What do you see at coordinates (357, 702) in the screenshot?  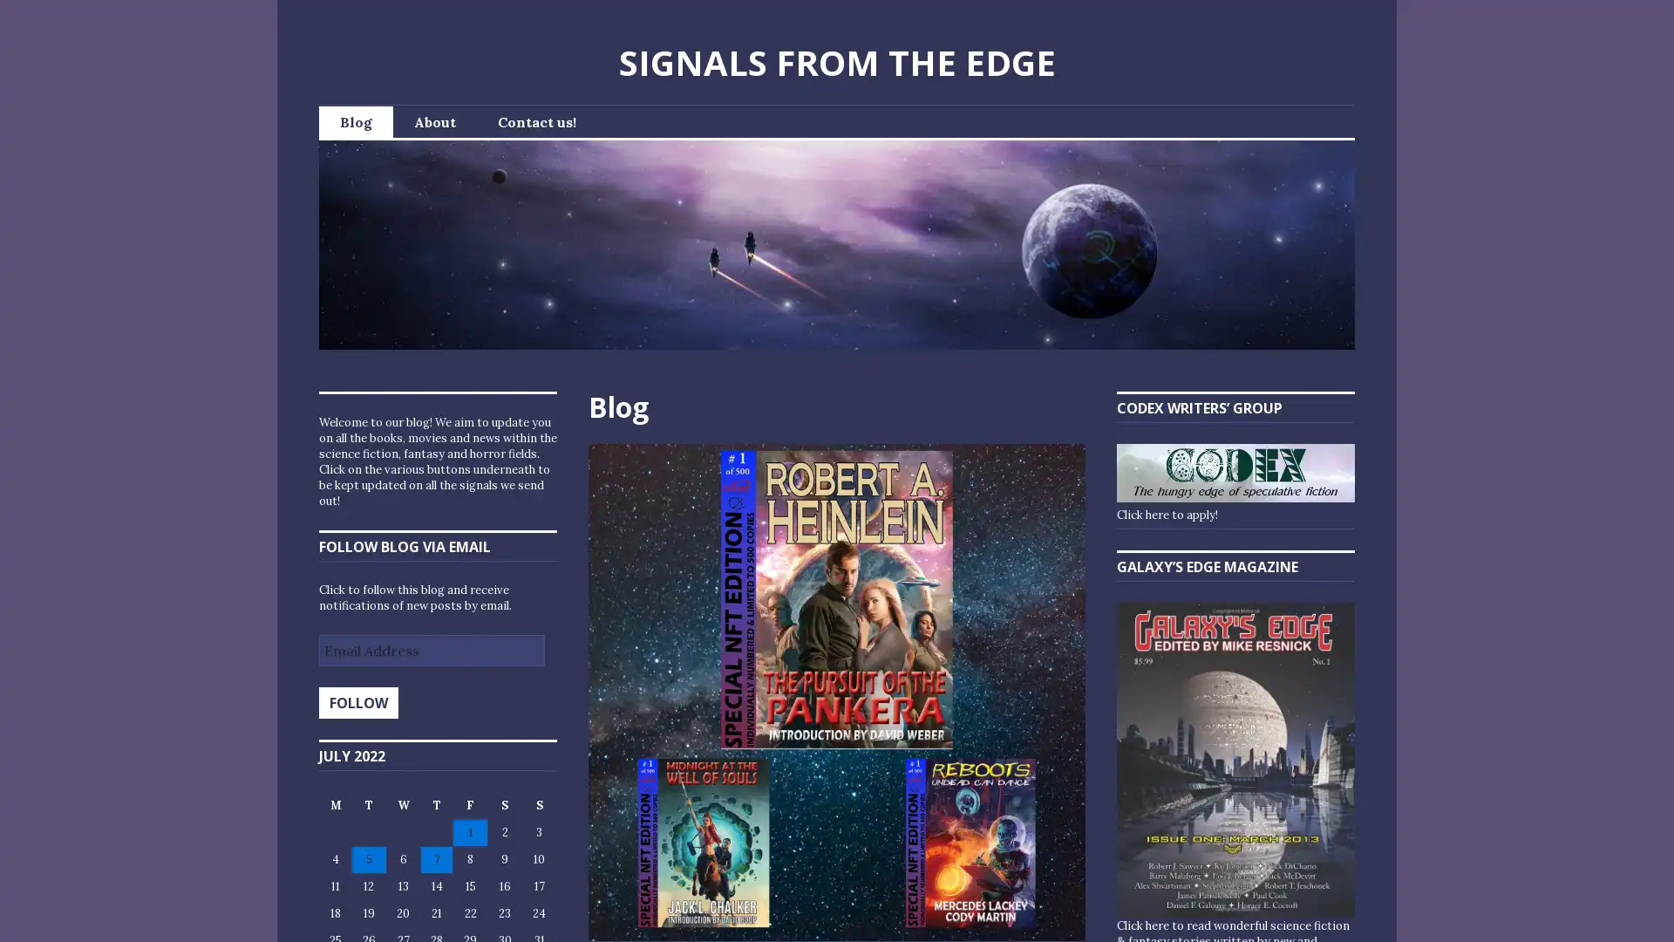 I see `FOLLOW` at bounding box center [357, 702].